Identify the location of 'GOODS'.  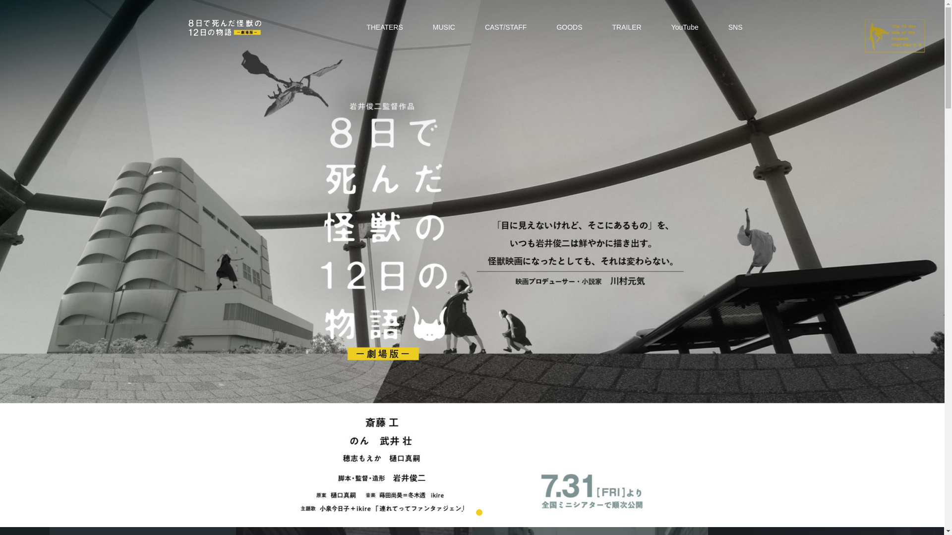
(569, 26).